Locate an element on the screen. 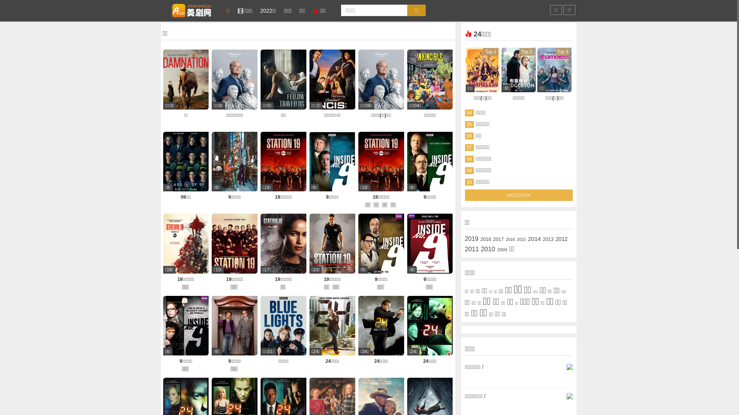  '2010' is located at coordinates (487, 249).